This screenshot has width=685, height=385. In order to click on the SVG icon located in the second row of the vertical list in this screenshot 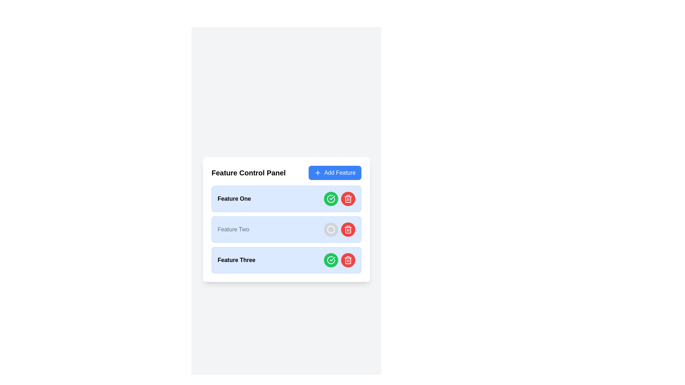, I will do `click(330, 230)`.